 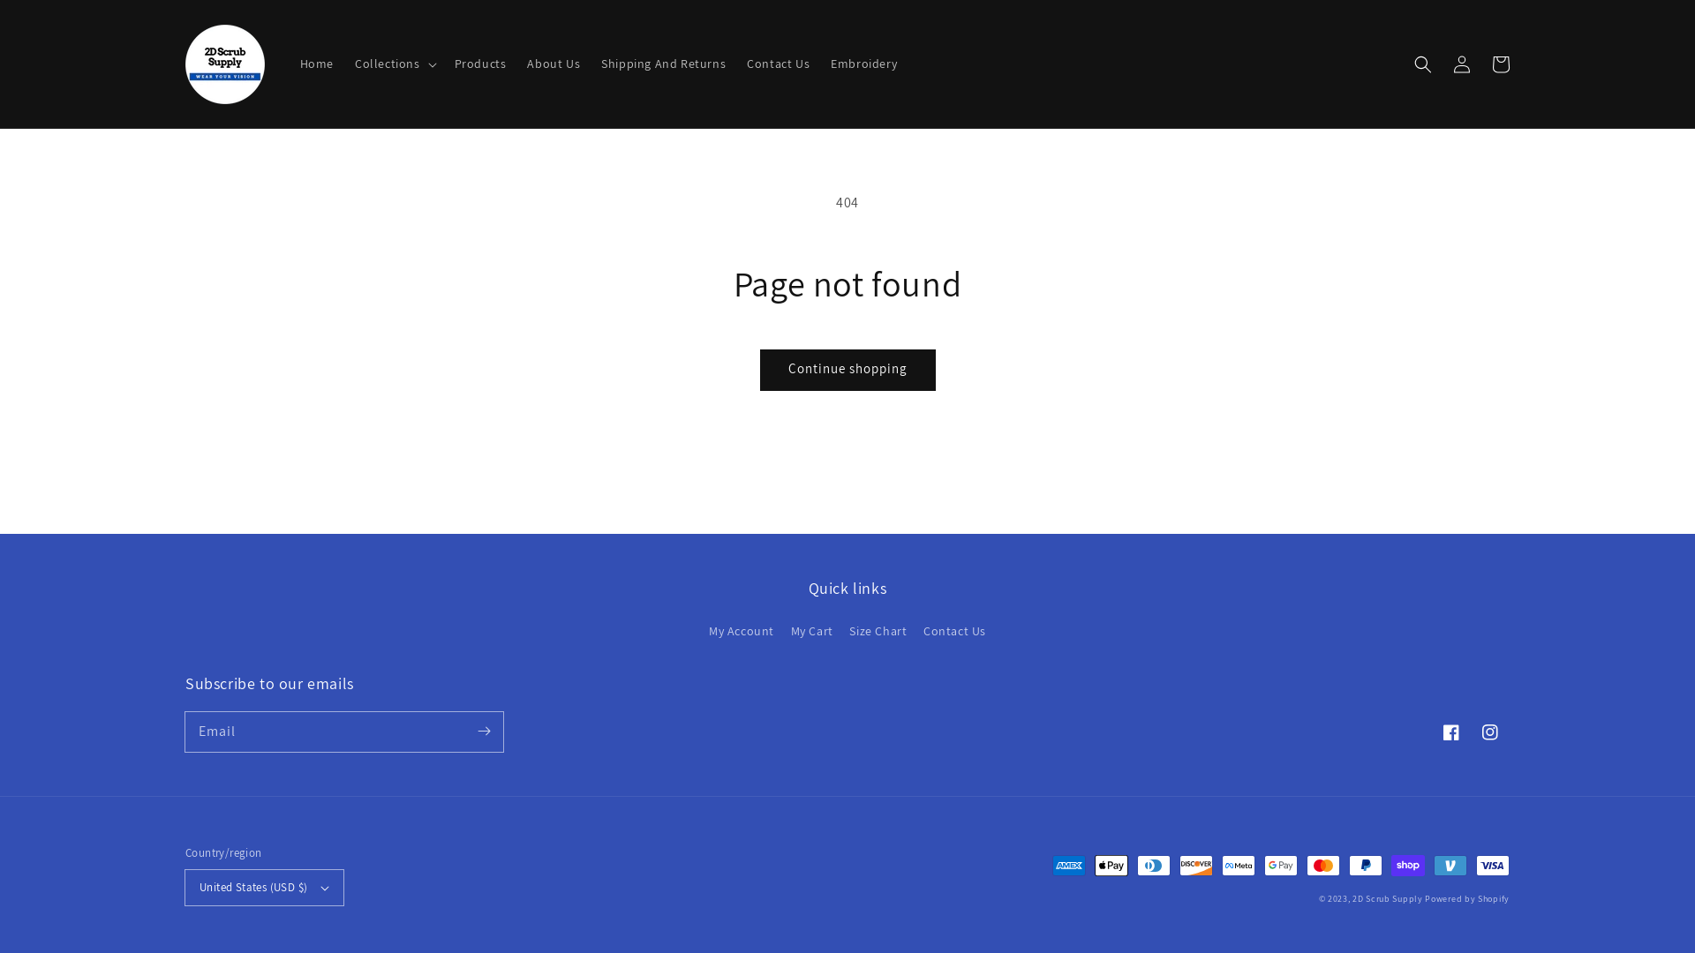 What do you see at coordinates (953, 630) in the screenshot?
I see `'Contact Us'` at bounding box center [953, 630].